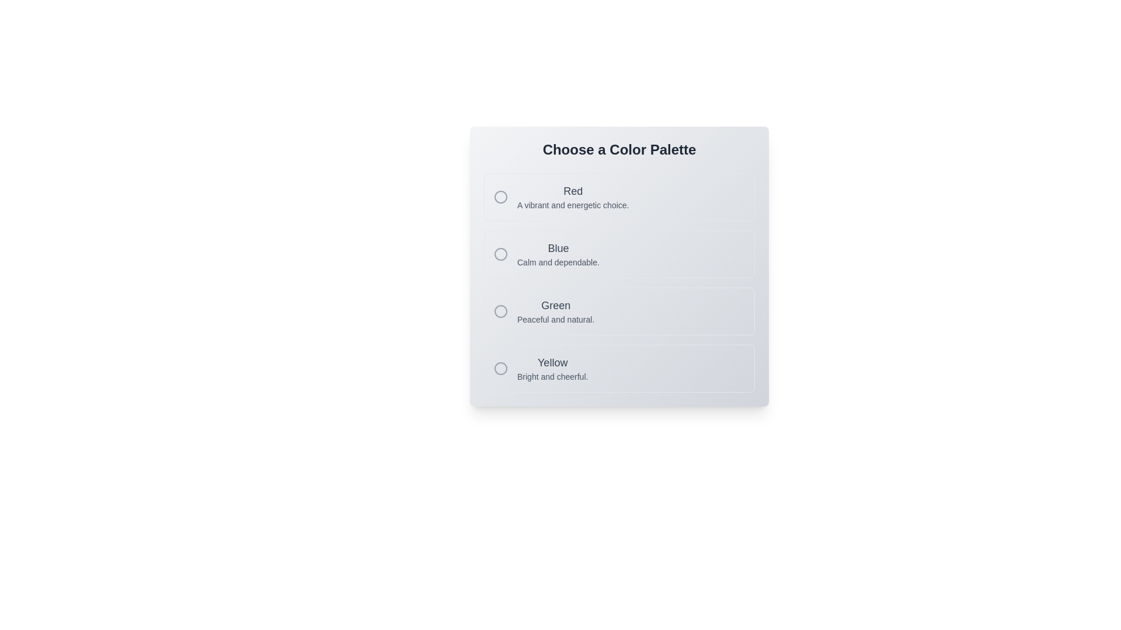 This screenshot has width=1121, height=630. What do you see at coordinates (573, 190) in the screenshot?
I see `the text label indicating the first color option ('Red') in the list of color selections` at bounding box center [573, 190].